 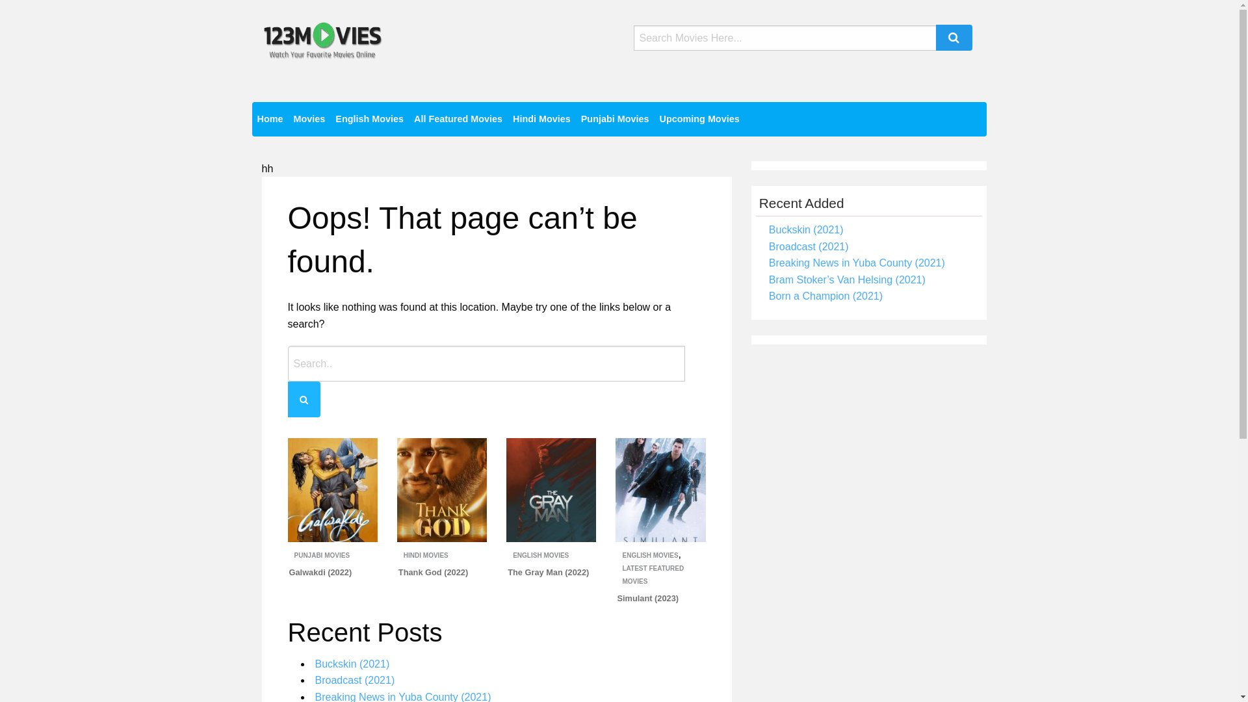 What do you see at coordinates (308, 119) in the screenshot?
I see `'Movies'` at bounding box center [308, 119].